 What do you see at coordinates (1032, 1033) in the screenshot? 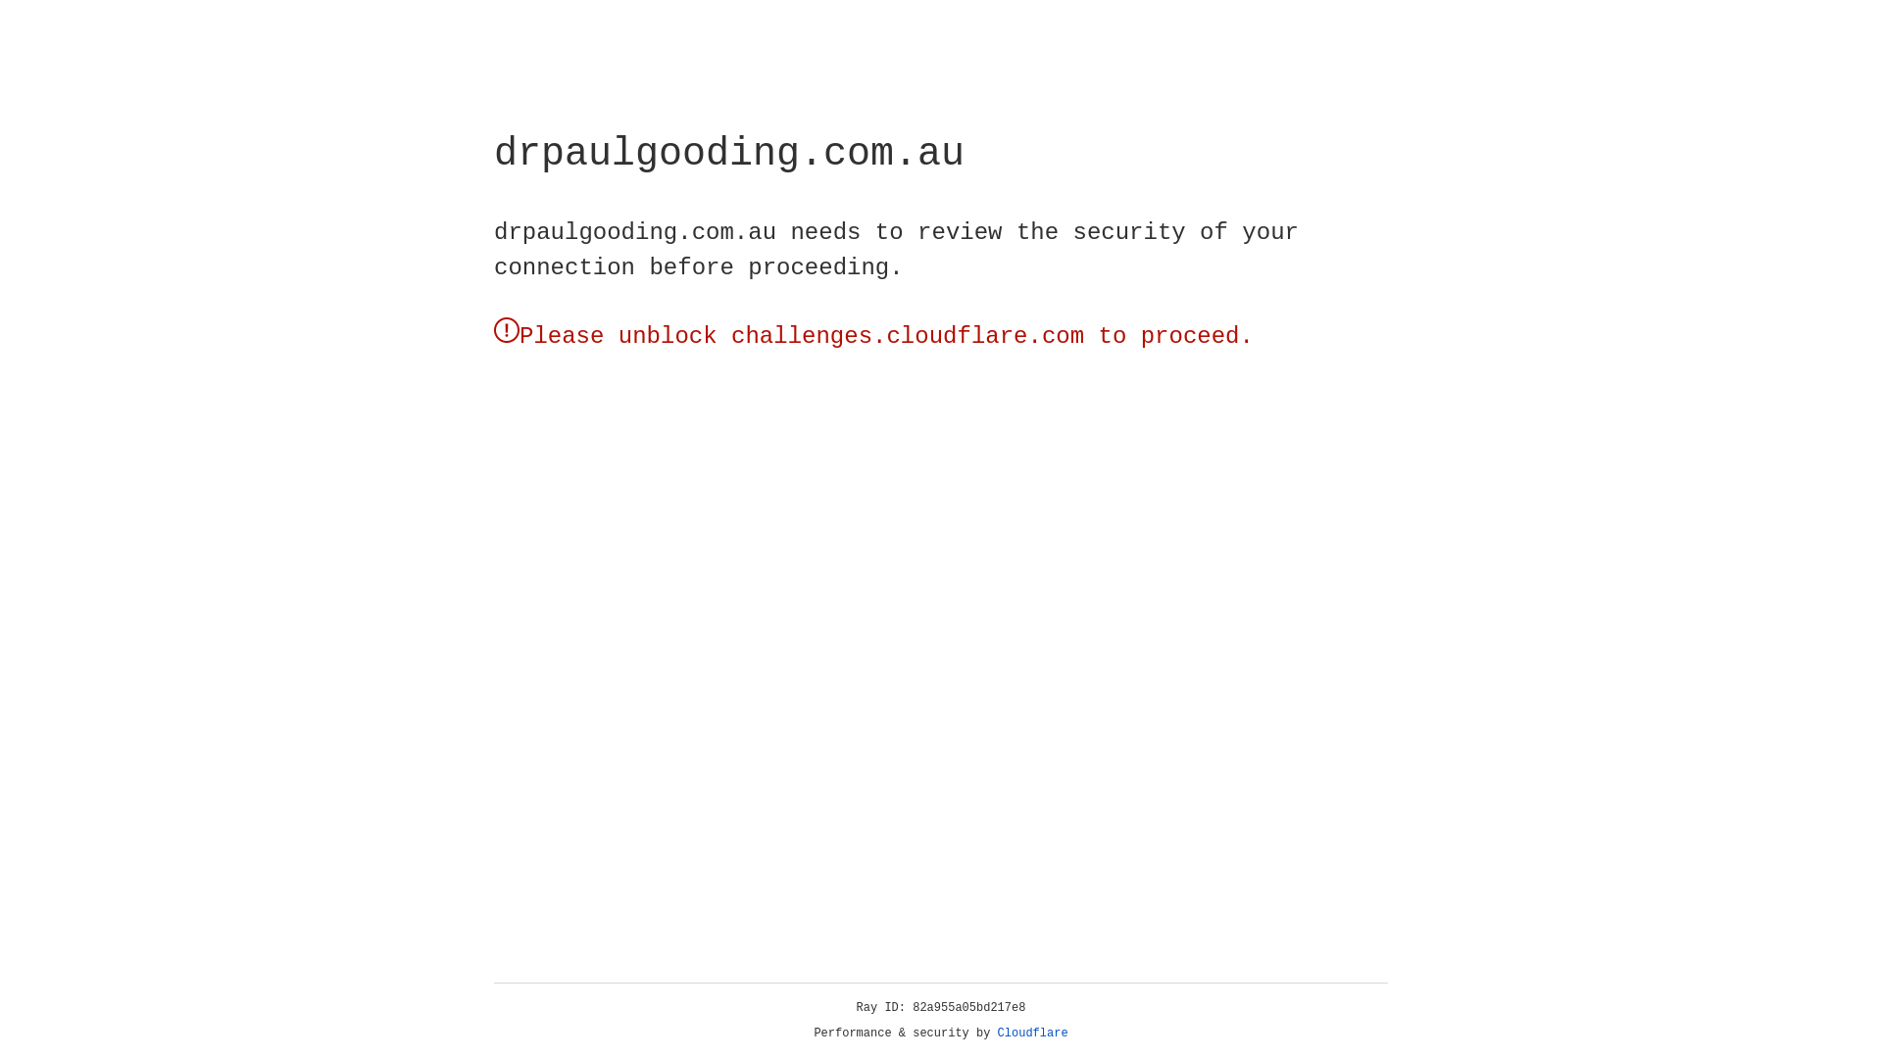
I see `'Cloudflare'` at bounding box center [1032, 1033].